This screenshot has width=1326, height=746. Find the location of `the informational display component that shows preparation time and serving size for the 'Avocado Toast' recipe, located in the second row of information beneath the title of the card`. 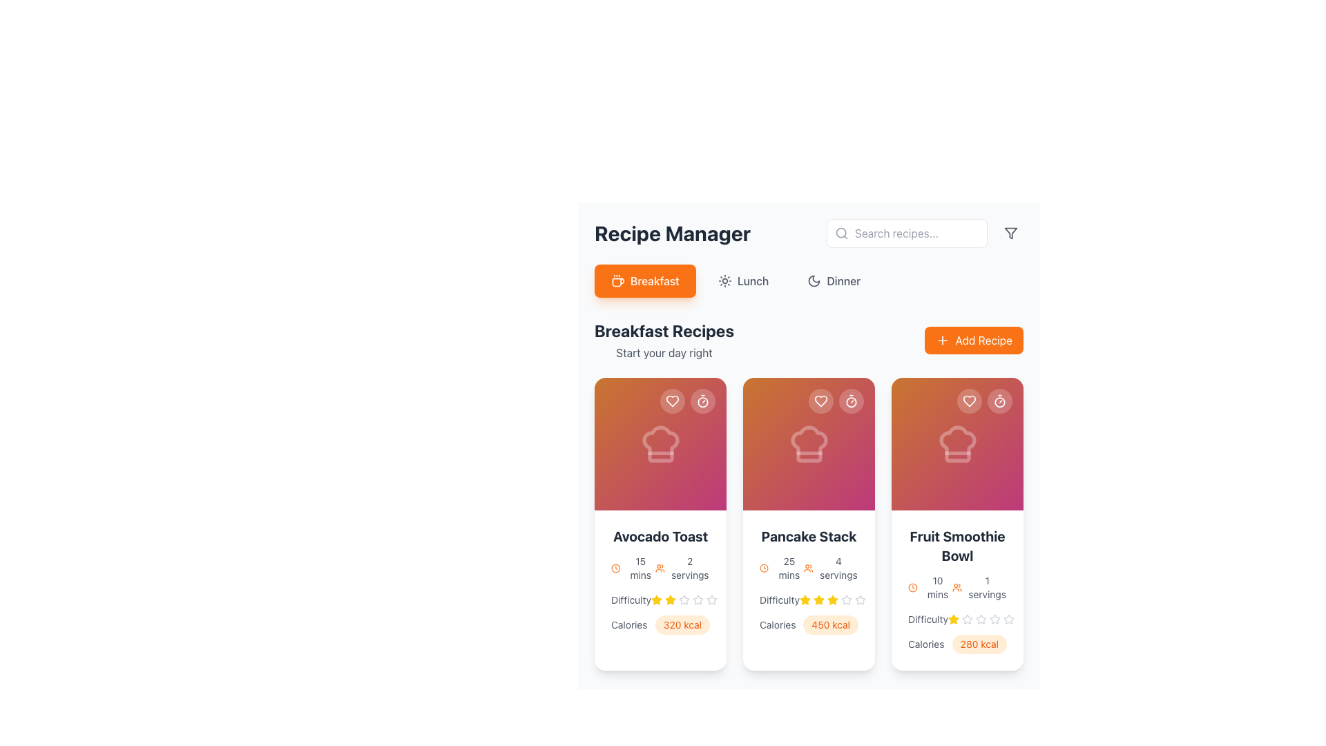

the informational display component that shows preparation time and serving size for the 'Avocado Toast' recipe, located in the second row of information beneath the title of the card is located at coordinates (660, 568).